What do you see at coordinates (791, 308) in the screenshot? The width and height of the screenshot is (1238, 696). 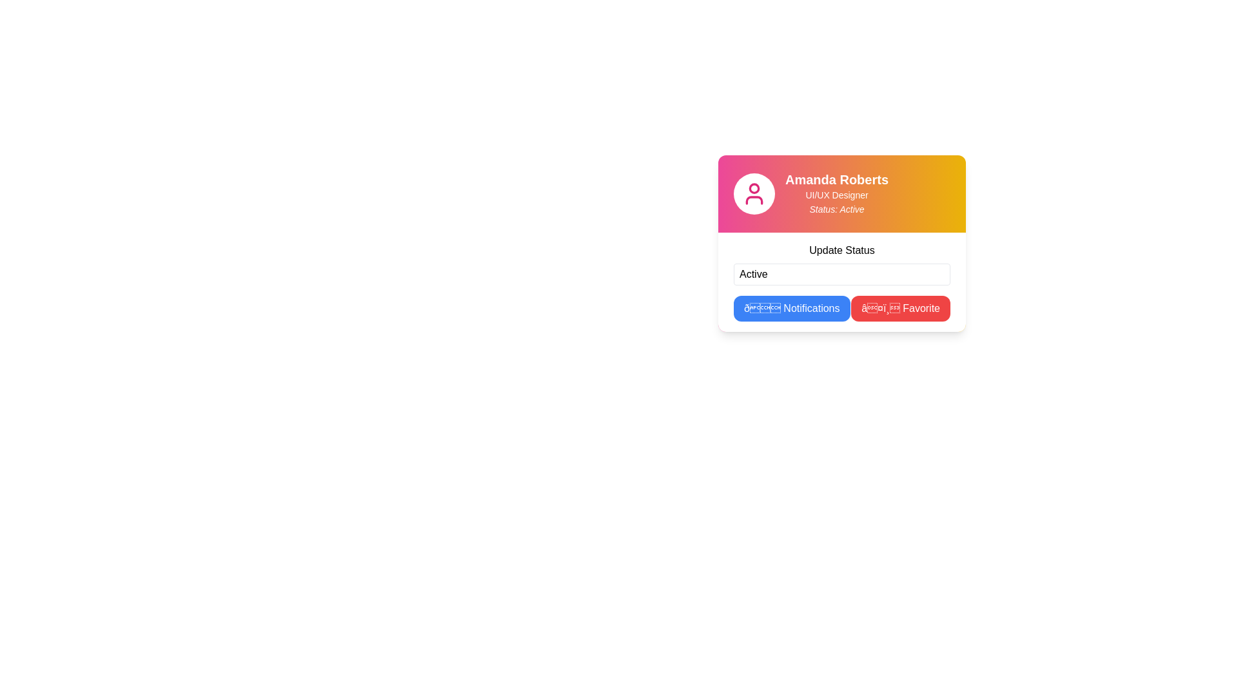 I see `the rectangular button with a blue background and white text labeled '🔔 Notifications'` at bounding box center [791, 308].